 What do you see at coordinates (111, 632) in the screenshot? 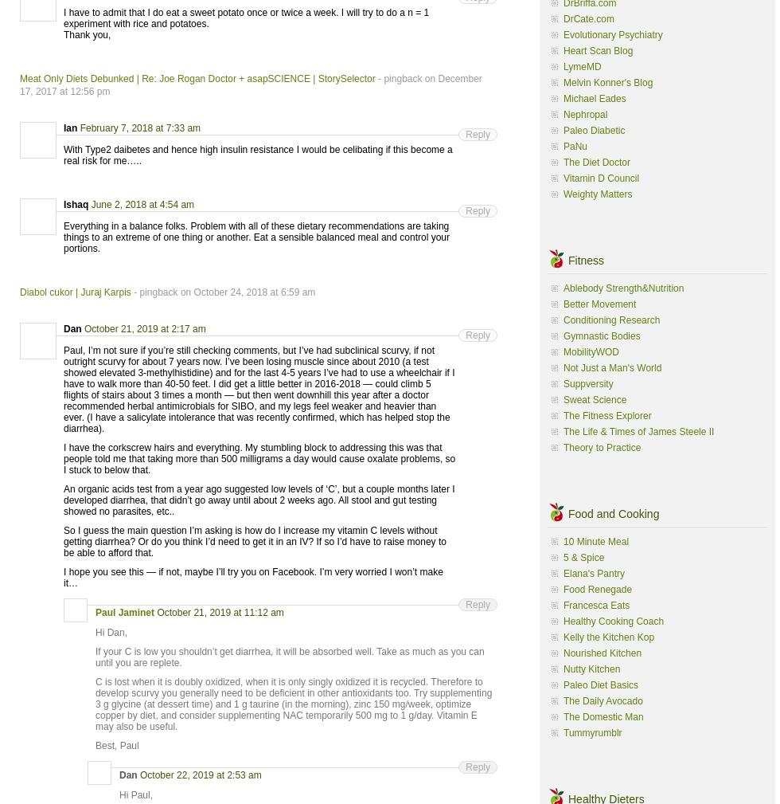
I see `'Hi Dan,'` at bounding box center [111, 632].